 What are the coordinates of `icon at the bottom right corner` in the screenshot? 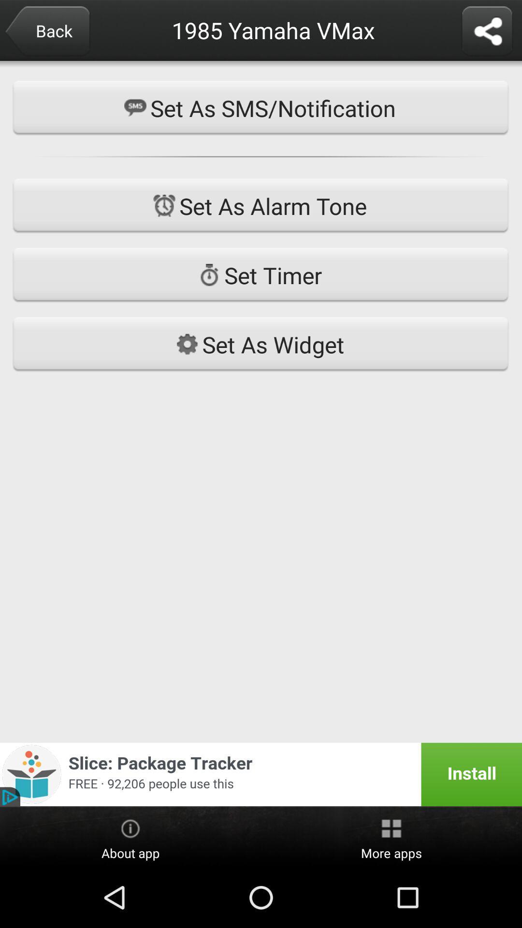 It's located at (391, 837).